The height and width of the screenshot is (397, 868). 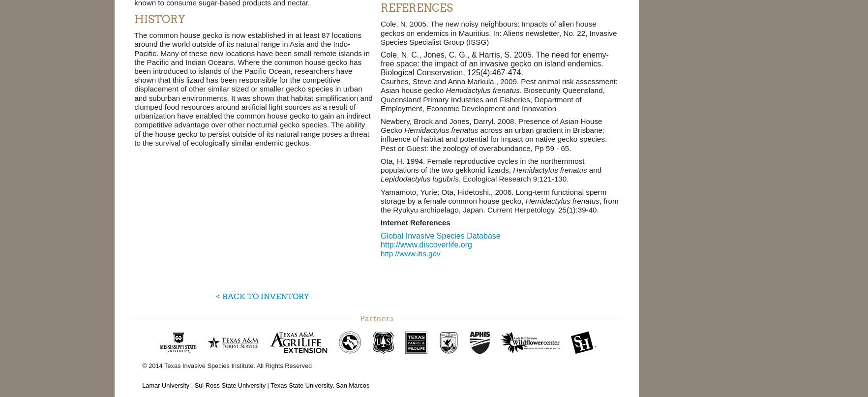 I want to click on '< Back to Inventory', so click(x=262, y=295).